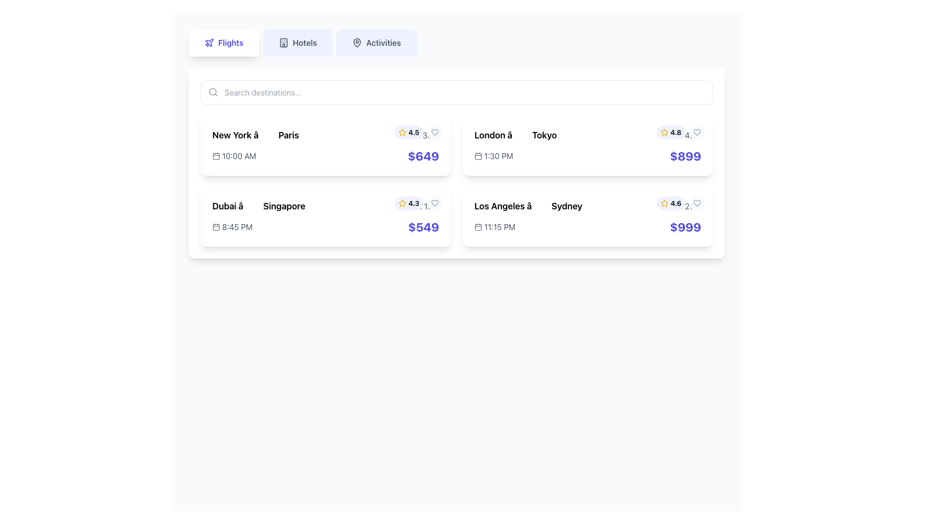 The image size is (946, 532). What do you see at coordinates (495, 227) in the screenshot?
I see `displayed departure time for the flight from Los Angeles to Sydney, located at the bottom-right corner of the flight item card, under the flight route details` at bounding box center [495, 227].